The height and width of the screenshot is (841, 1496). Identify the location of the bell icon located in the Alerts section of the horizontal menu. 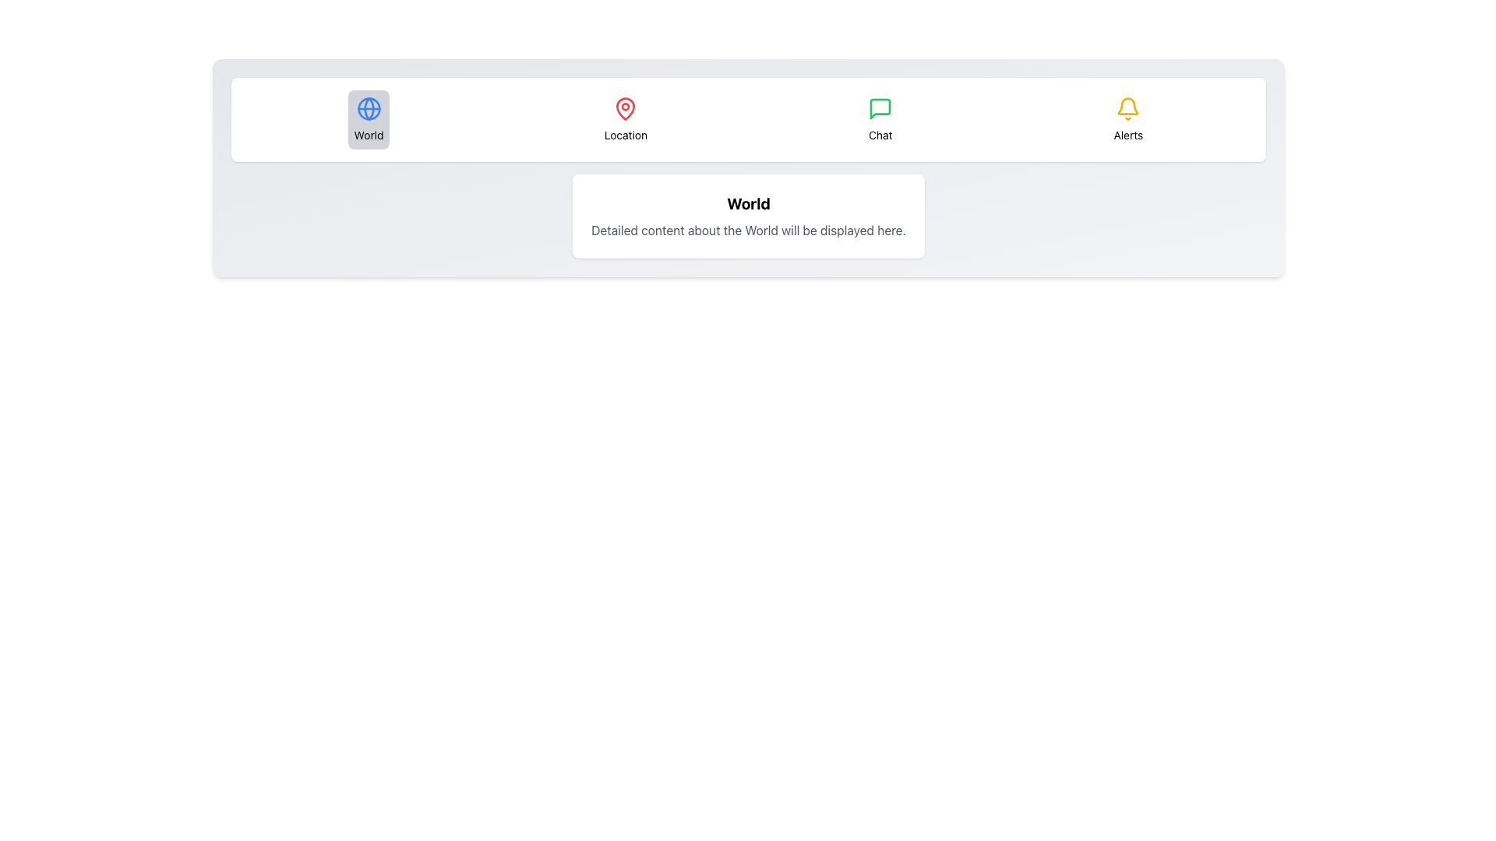
(1128, 107).